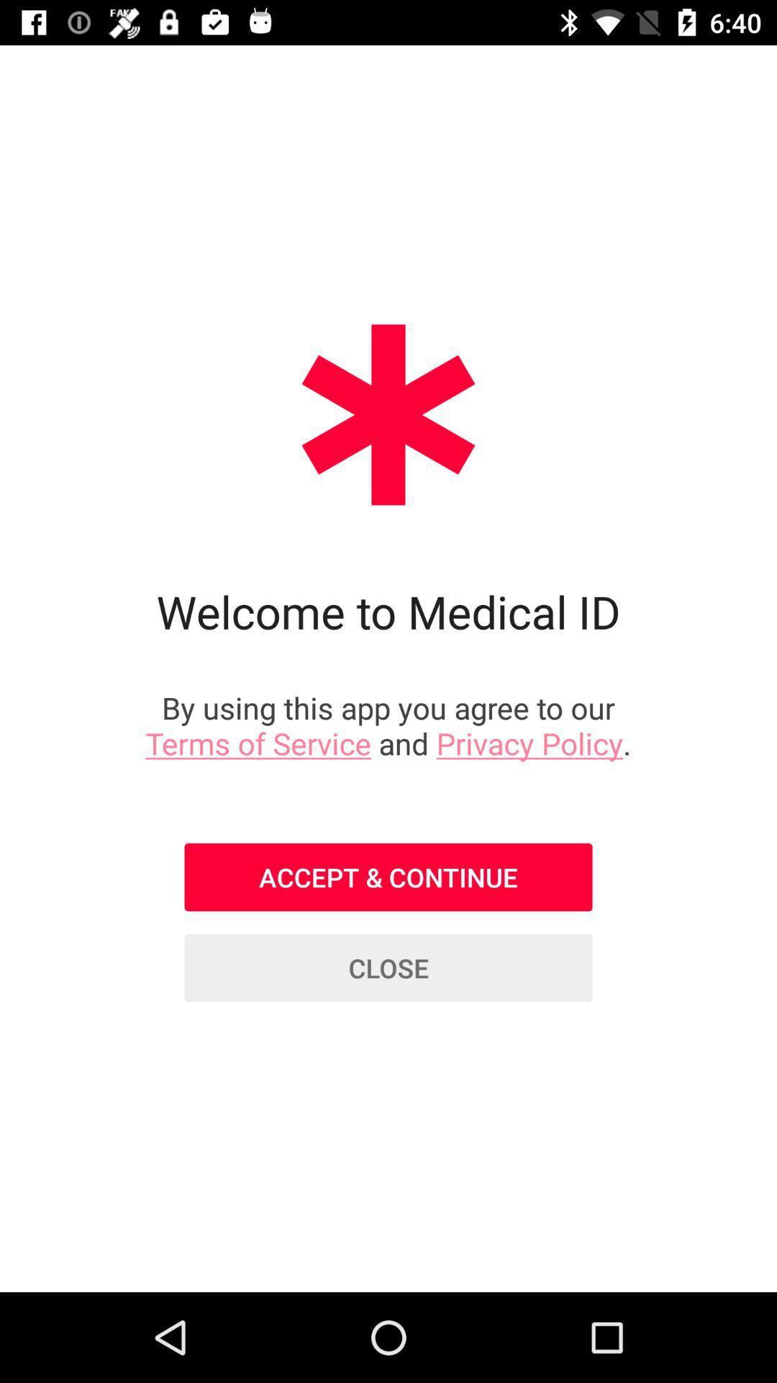  Describe the element at coordinates (388, 968) in the screenshot. I see `the icon below the accept & continue icon` at that location.